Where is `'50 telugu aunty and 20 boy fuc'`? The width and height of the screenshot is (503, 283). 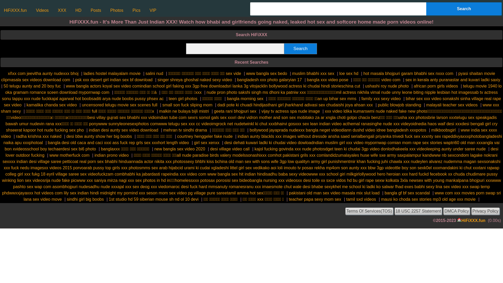 '50 telugu aunty and 20 boy fuc' is located at coordinates (32, 86).